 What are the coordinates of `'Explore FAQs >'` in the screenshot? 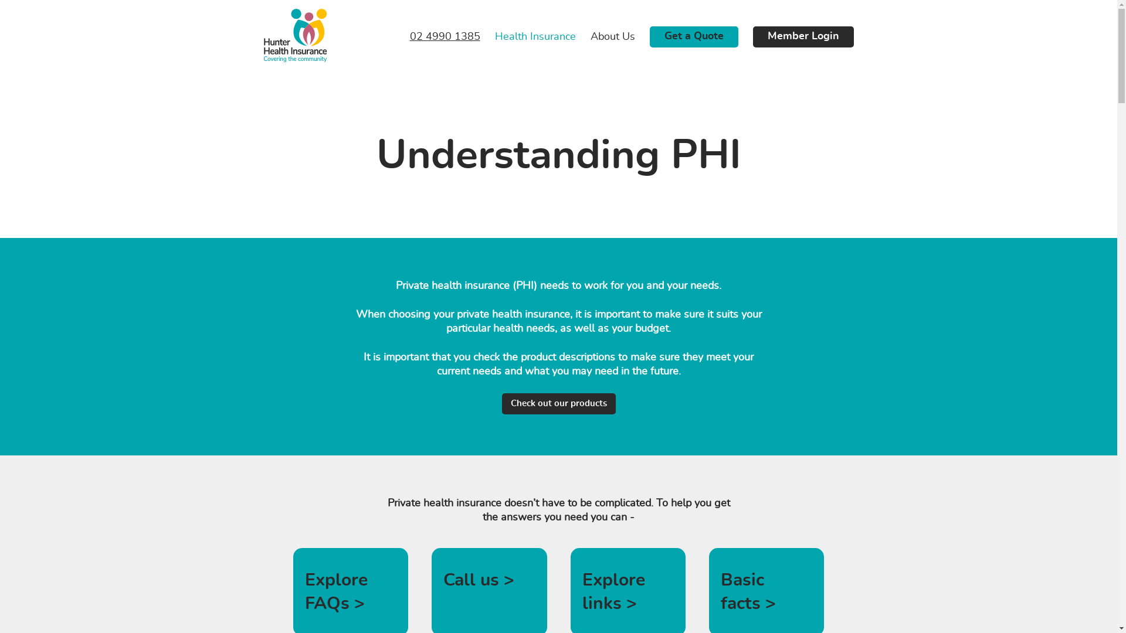 It's located at (304, 592).